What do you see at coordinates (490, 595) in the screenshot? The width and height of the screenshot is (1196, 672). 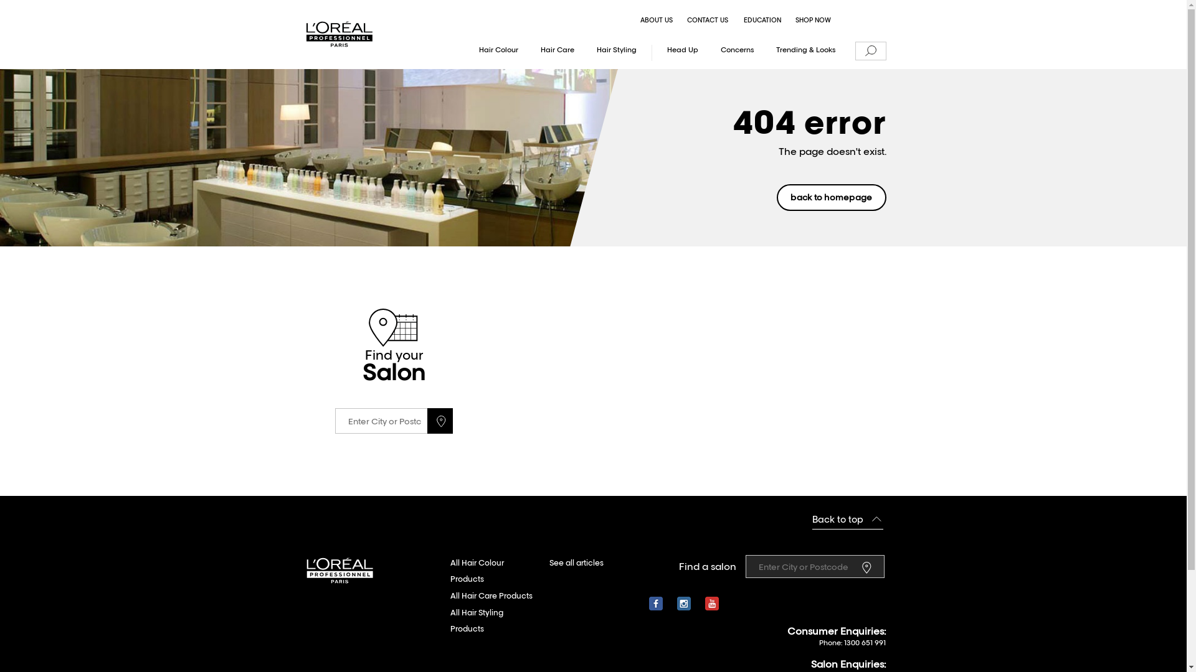 I see `'All Hair Care Products'` at bounding box center [490, 595].